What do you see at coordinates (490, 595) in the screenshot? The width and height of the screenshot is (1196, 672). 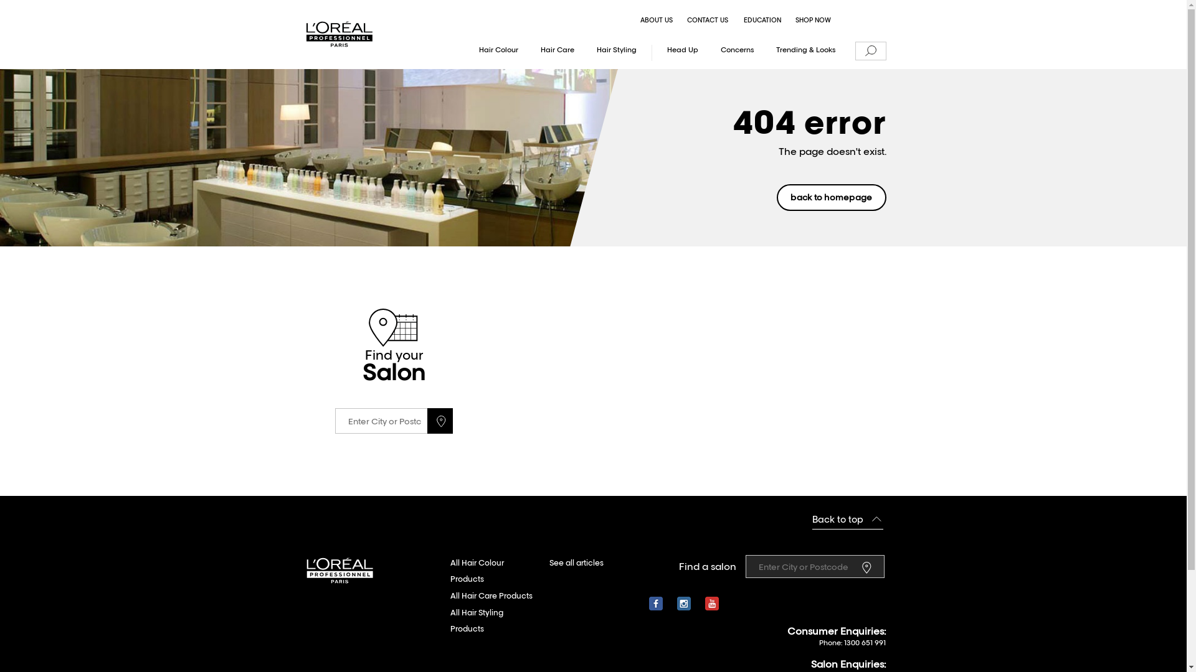 I see `'All Hair Care Products'` at bounding box center [490, 595].